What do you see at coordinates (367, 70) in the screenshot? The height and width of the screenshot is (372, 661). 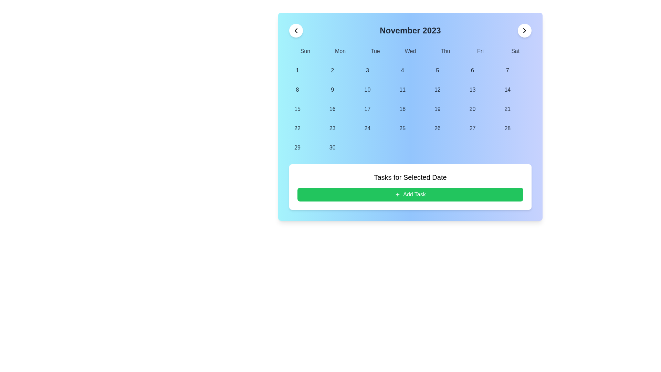 I see `the button representing Tuesday, November 3rd in the calendar grid to change its background color` at bounding box center [367, 70].